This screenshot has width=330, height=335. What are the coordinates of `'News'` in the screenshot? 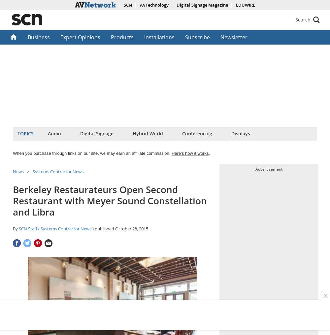 It's located at (18, 171).